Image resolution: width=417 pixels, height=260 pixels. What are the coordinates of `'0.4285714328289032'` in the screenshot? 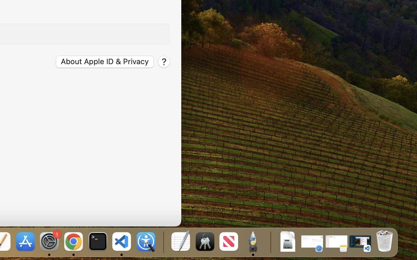 It's located at (163, 242).